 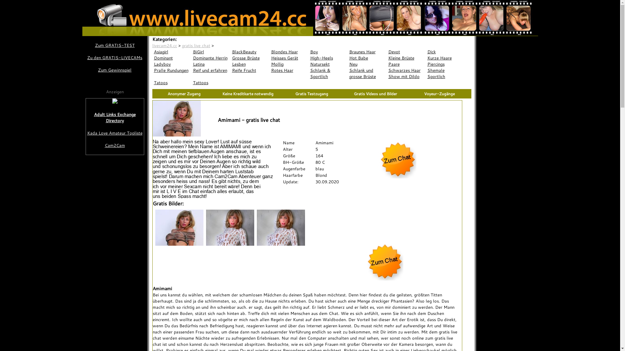 What do you see at coordinates (211, 58) in the screenshot?
I see `'Dominante Herrin'` at bounding box center [211, 58].